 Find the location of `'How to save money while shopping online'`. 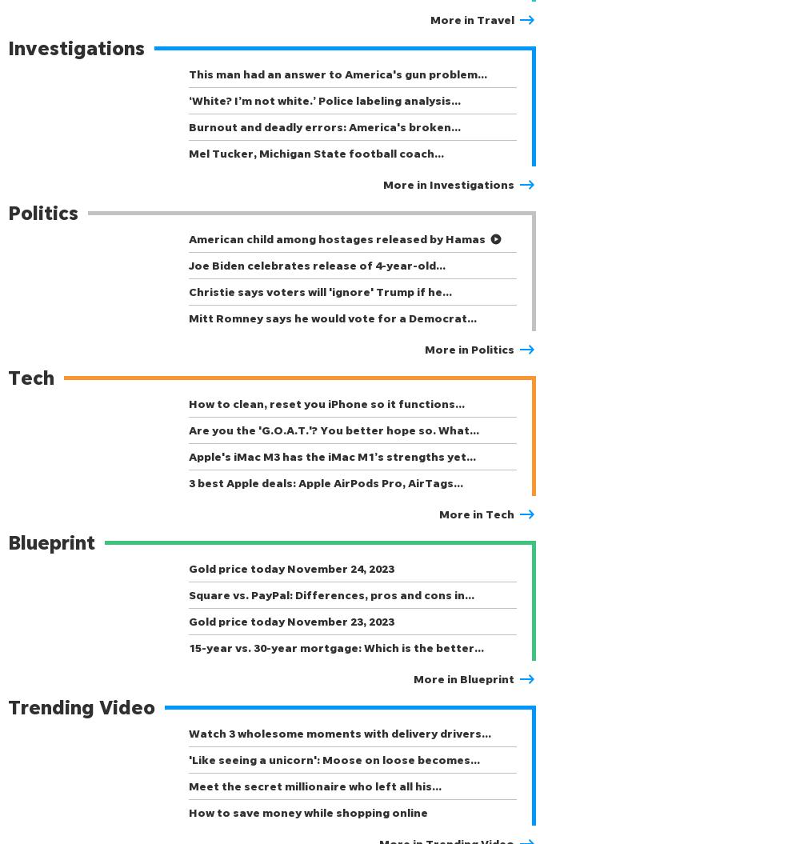

'How to save money while shopping online' is located at coordinates (308, 811).